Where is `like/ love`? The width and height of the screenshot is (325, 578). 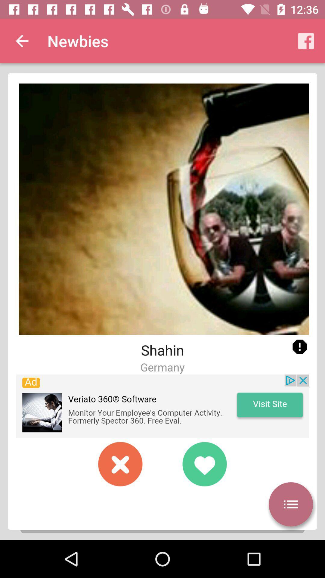 like/ love is located at coordinates (204, 464).